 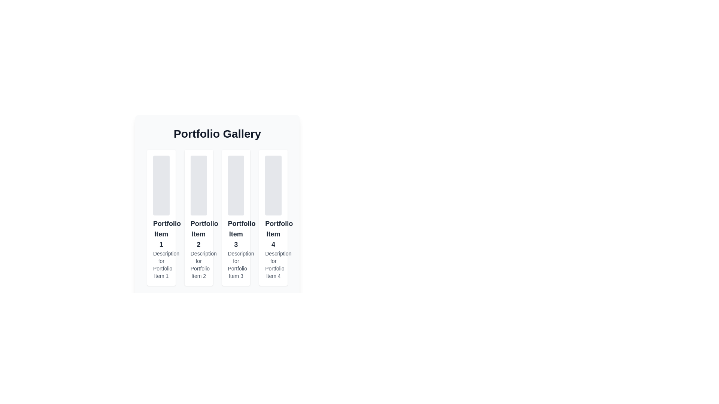 What do you see at coordinates (236, 264) in the screenshot?
I see `the text label that provides a description for 'Portfolio Item 3', located directly below its title within the portfolio card` at bounding box center [236, 264].